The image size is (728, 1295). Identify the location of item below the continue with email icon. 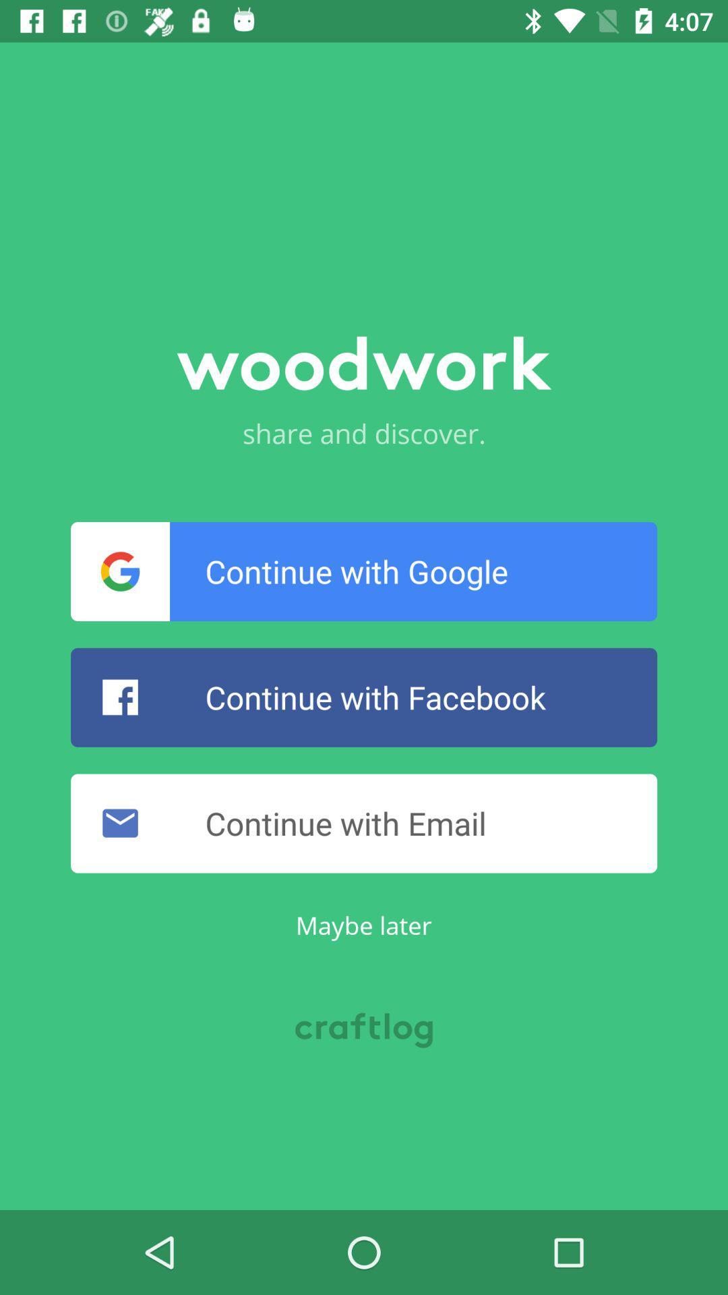
(363, 924).